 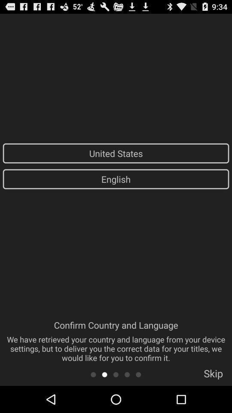 I want to click on the app below the confirm country and item, so click(x=138, y=374).